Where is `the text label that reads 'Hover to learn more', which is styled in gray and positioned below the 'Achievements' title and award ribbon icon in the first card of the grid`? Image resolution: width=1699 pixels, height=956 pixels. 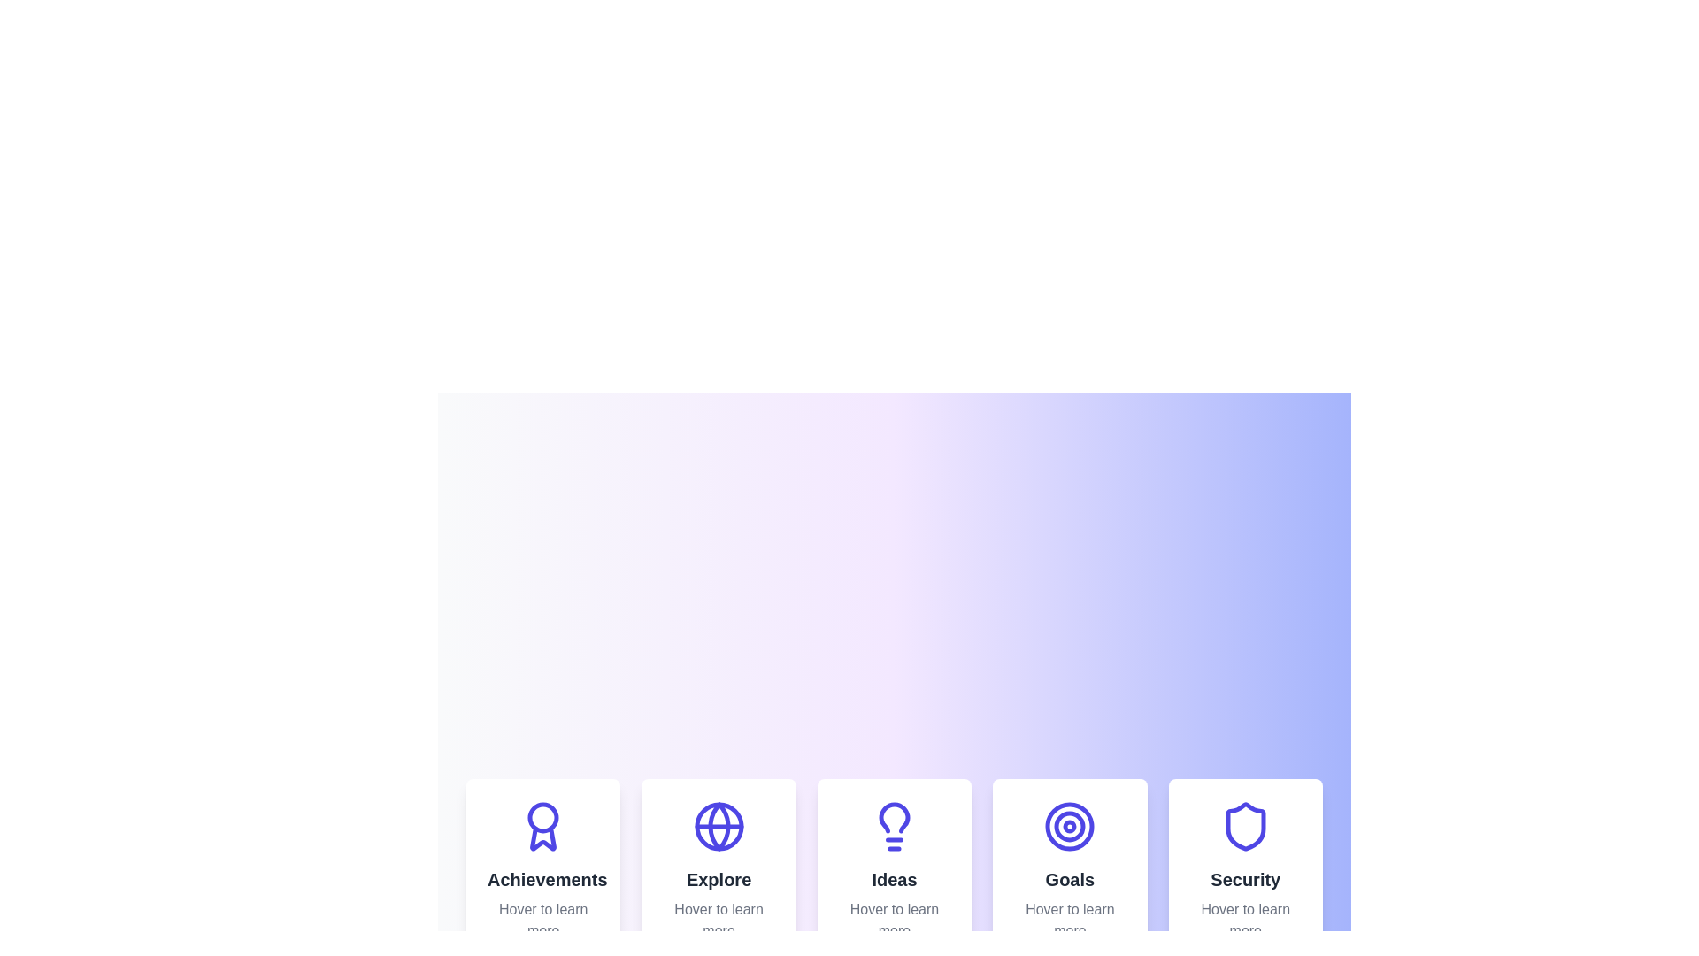
the text label that reads 'Hover to learn more', which is styled in gray and positioned below the 'Achievements' title and award ribbon icon in the first card of the grid is located at coordinates (542, 920).